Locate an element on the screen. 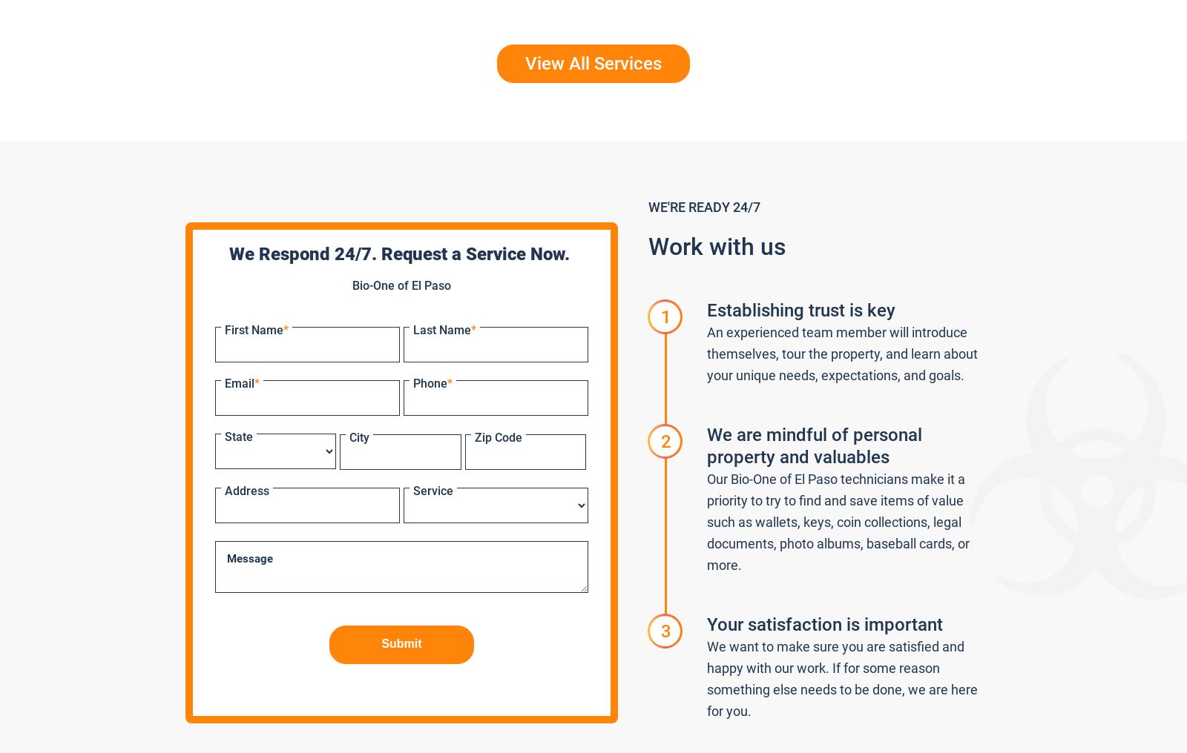  'State' is located at coordinates (238, 437).